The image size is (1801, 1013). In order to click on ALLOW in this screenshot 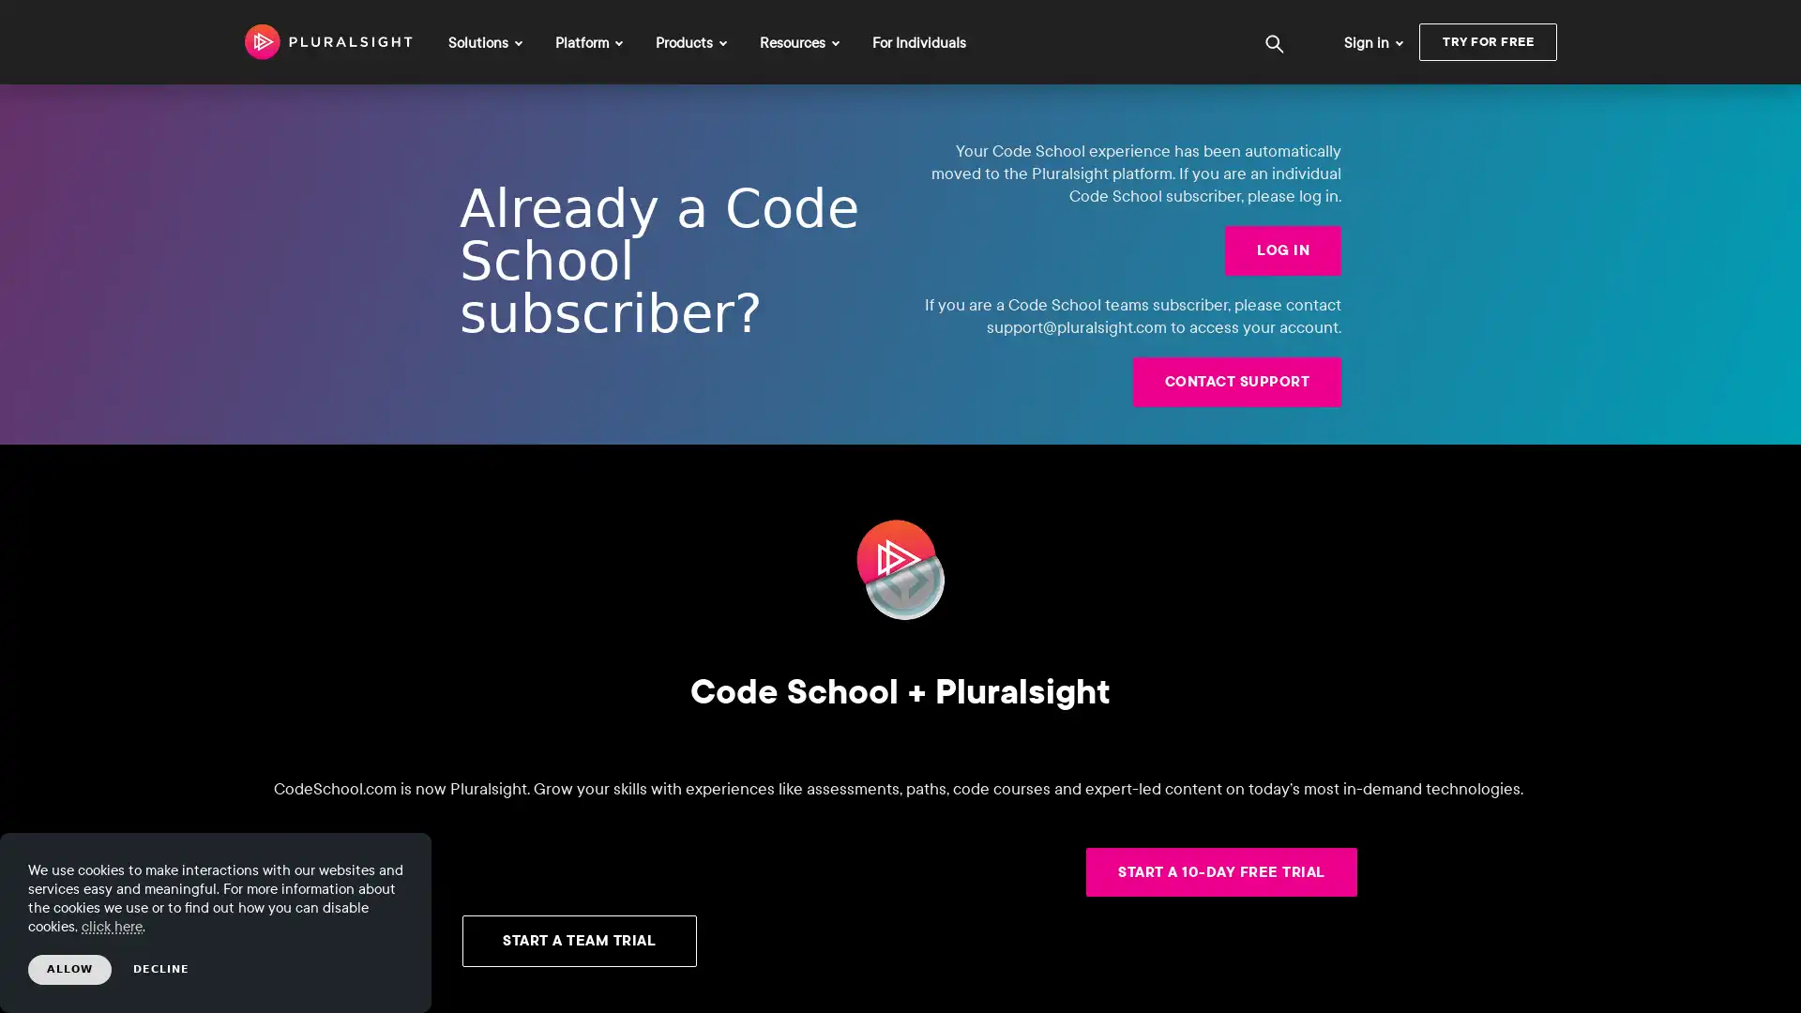, I will do `click(69, 969)`.